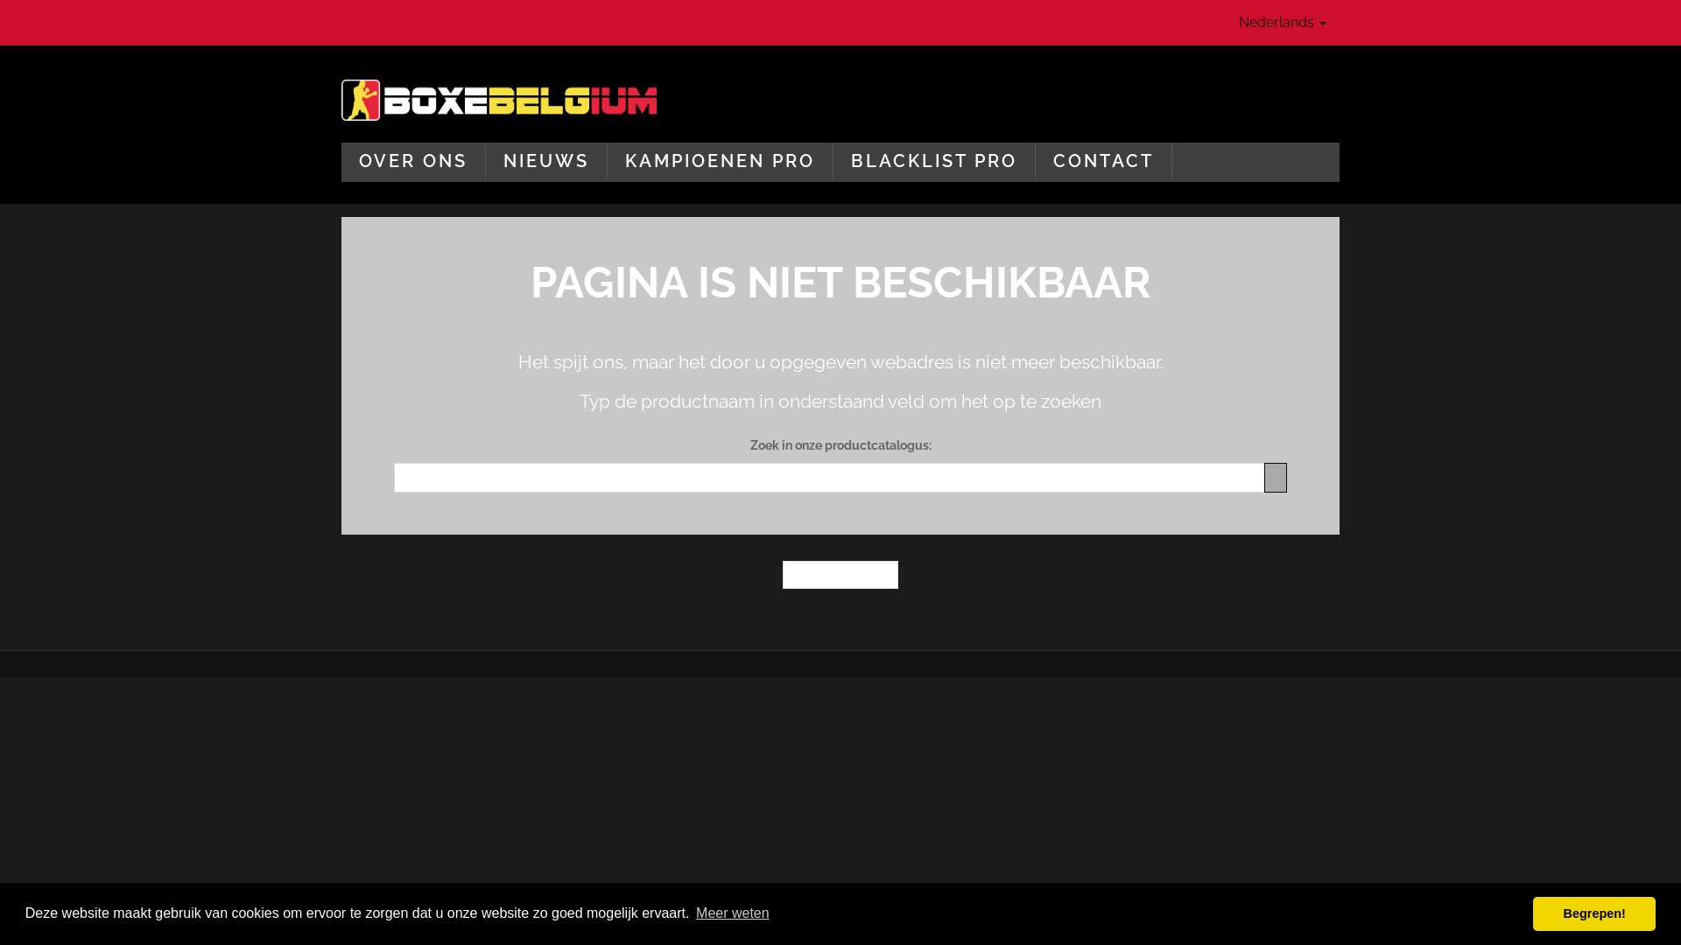  I want to click on 'Boxebelgium.be', so click(498, 100).